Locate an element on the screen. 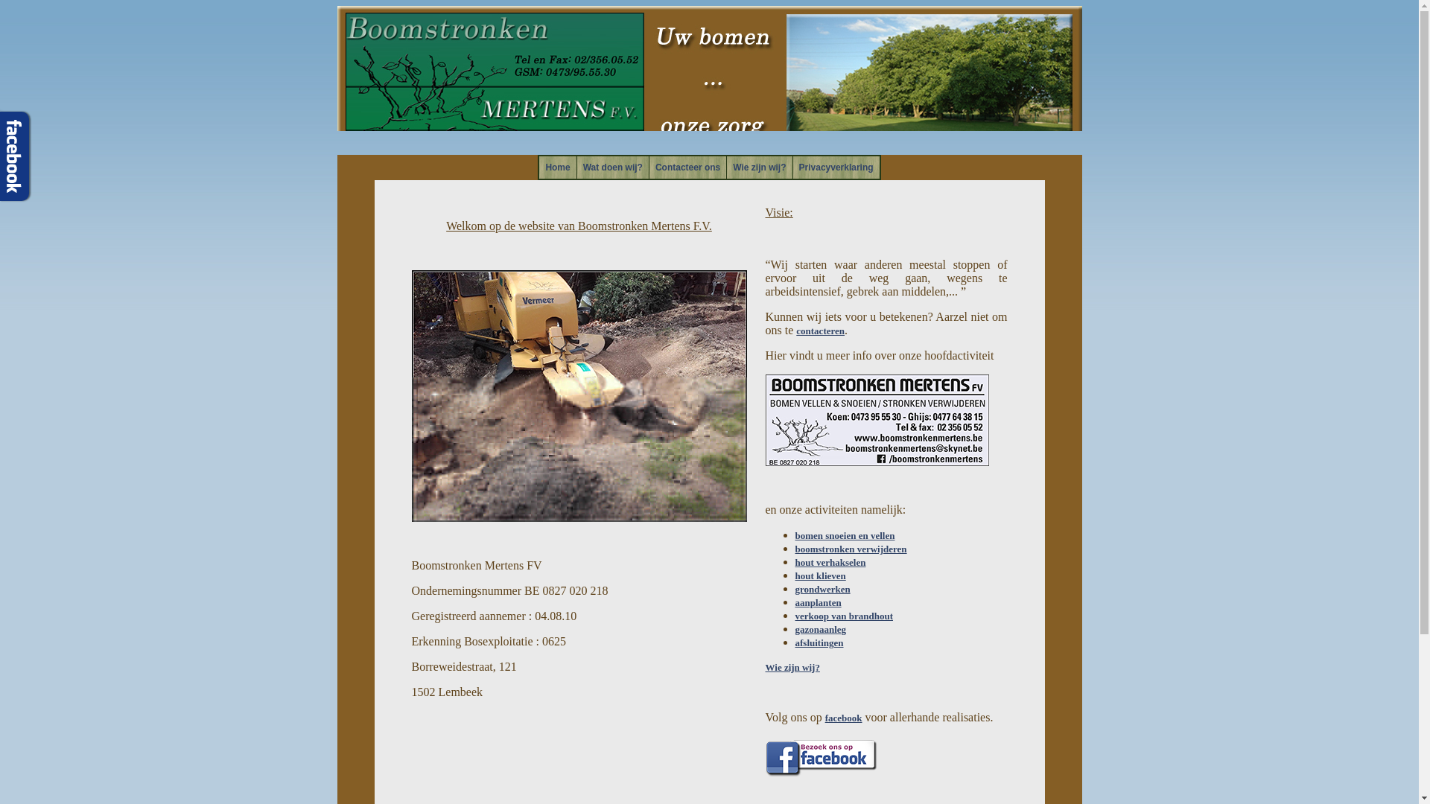 This screenshot has height=804, width=1430. 'contacteren' is located at coordinates (795, 330).